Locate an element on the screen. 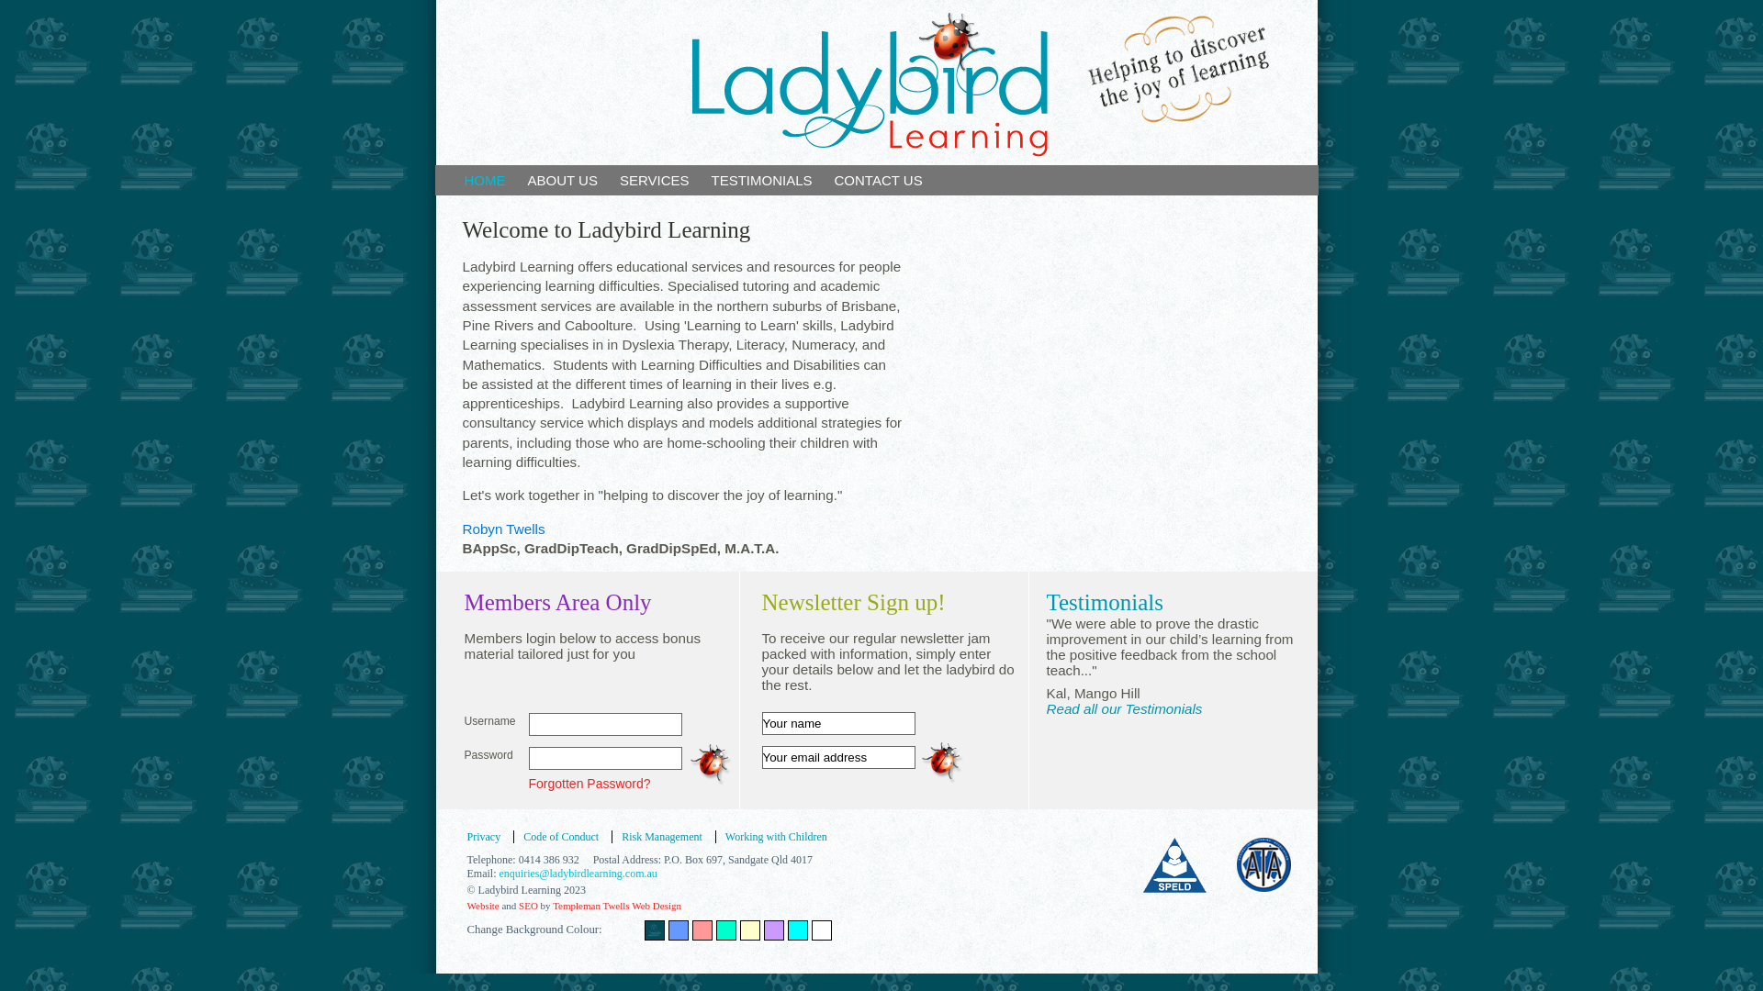 This screenshot has width=1763, height=991. 'Read all our Testimonials' is located at coordinates (1123, 707).